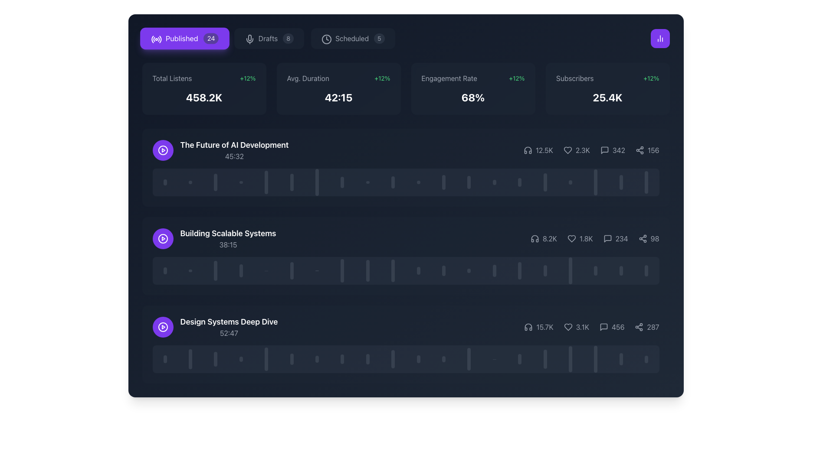  I want to click on the 'like' icon located in the statistics section of a podcast entry, which indicates user engagement and is positioned to the left of the likes count '2.3K', so click(567, 150).